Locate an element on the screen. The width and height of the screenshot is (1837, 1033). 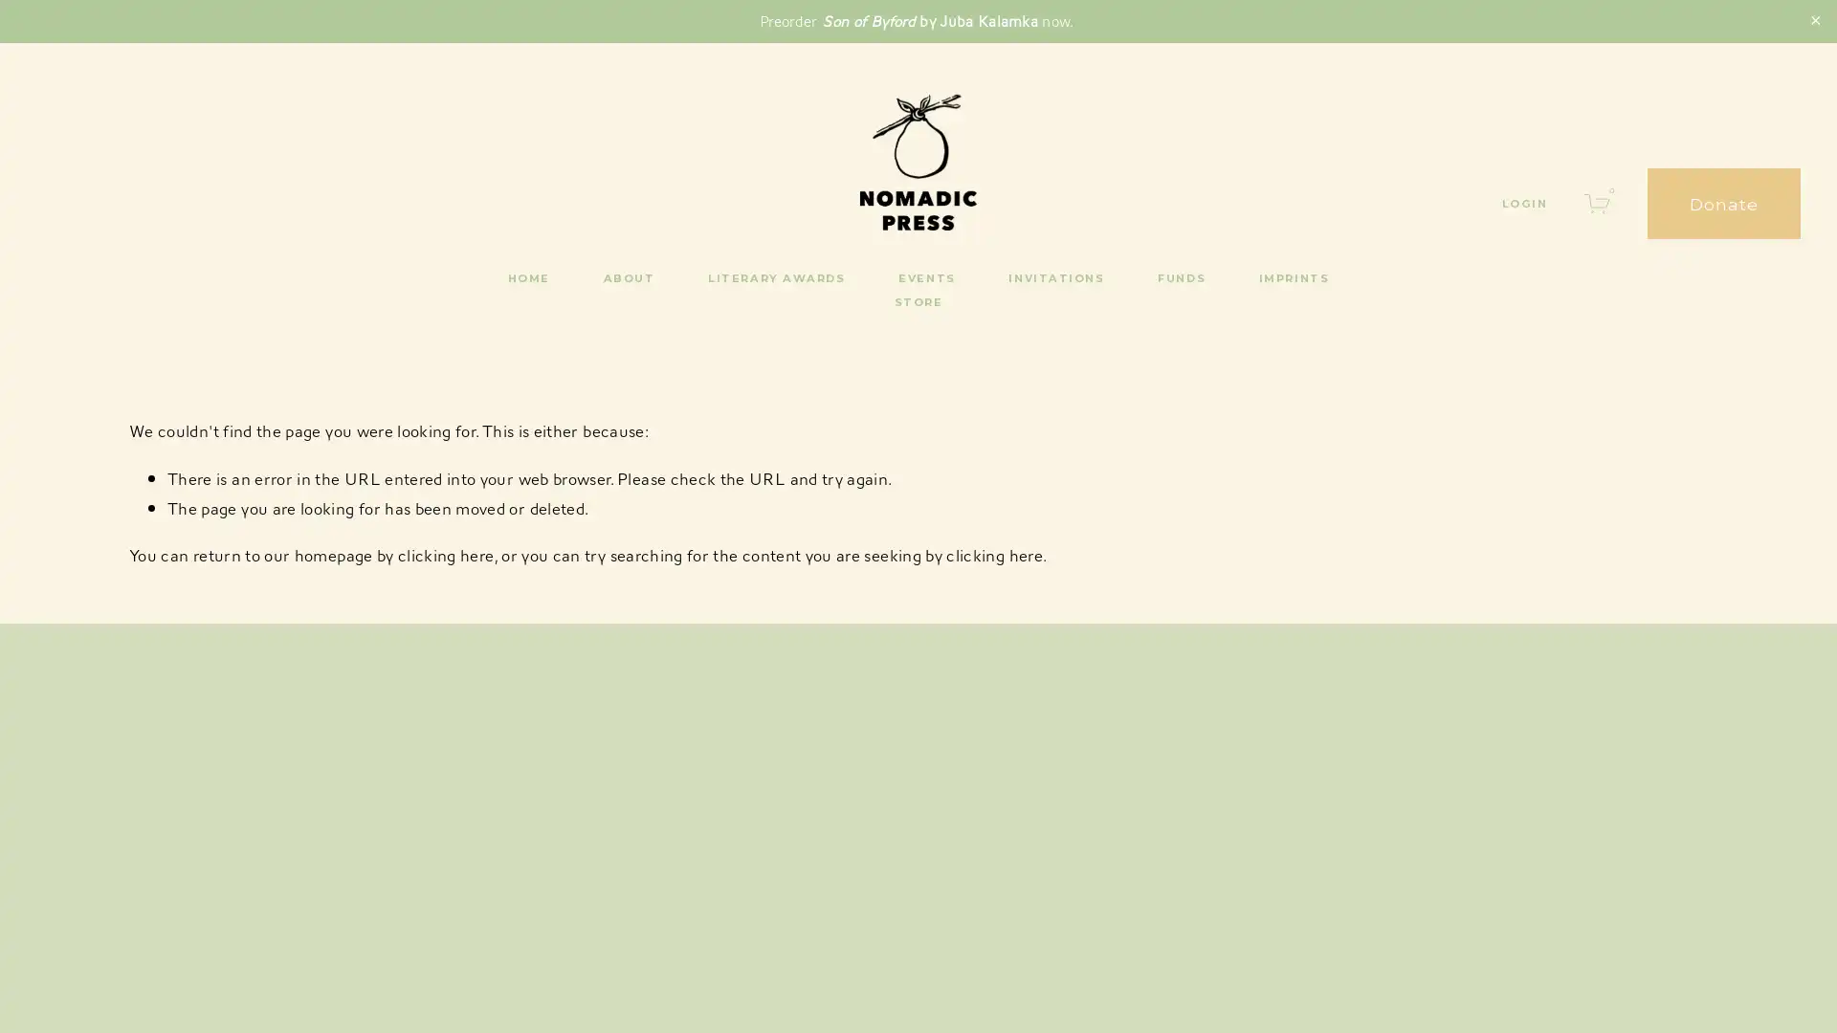
Close is located at coordinates (1740, 572).